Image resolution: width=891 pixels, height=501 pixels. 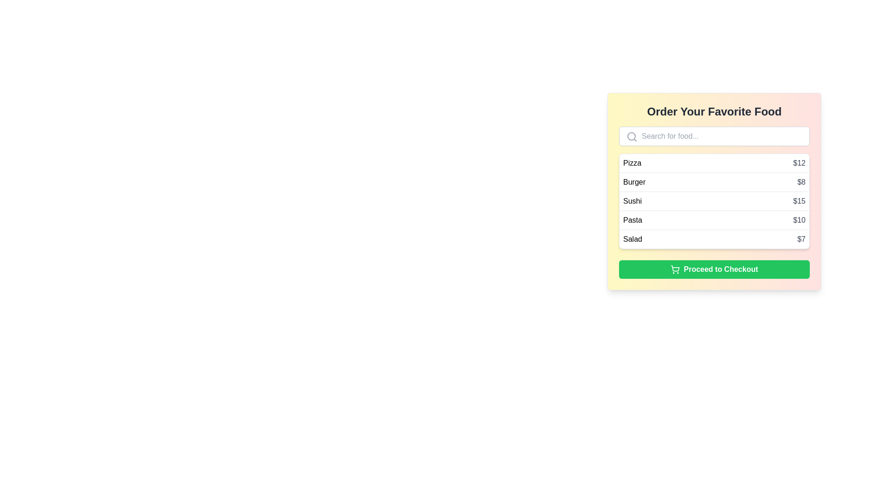 What do you see at coordinates (714, 238) in the screenshot?
I see `the 'Salad' menu list item, which is the fifth entry in a vertical list` at bounding box center [714, 238].